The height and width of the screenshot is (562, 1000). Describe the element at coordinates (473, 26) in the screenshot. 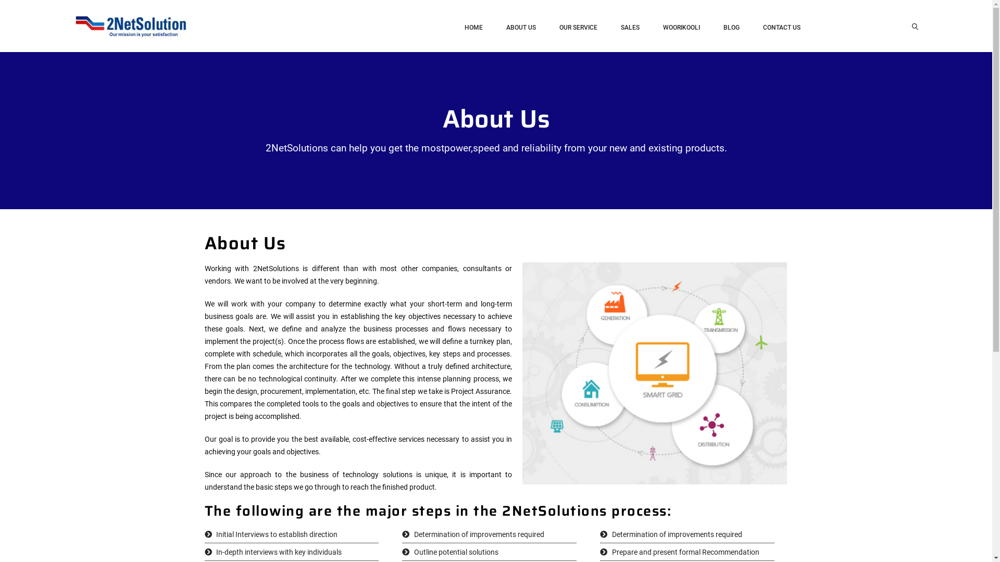

I see `'HOME'` at that location.